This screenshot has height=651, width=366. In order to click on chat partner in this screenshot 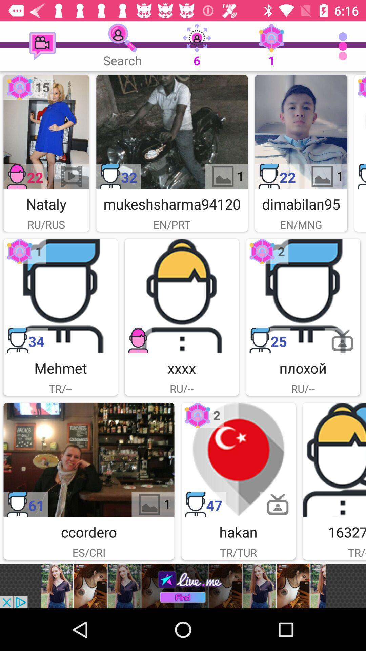, I will do `click(238, 460)`.